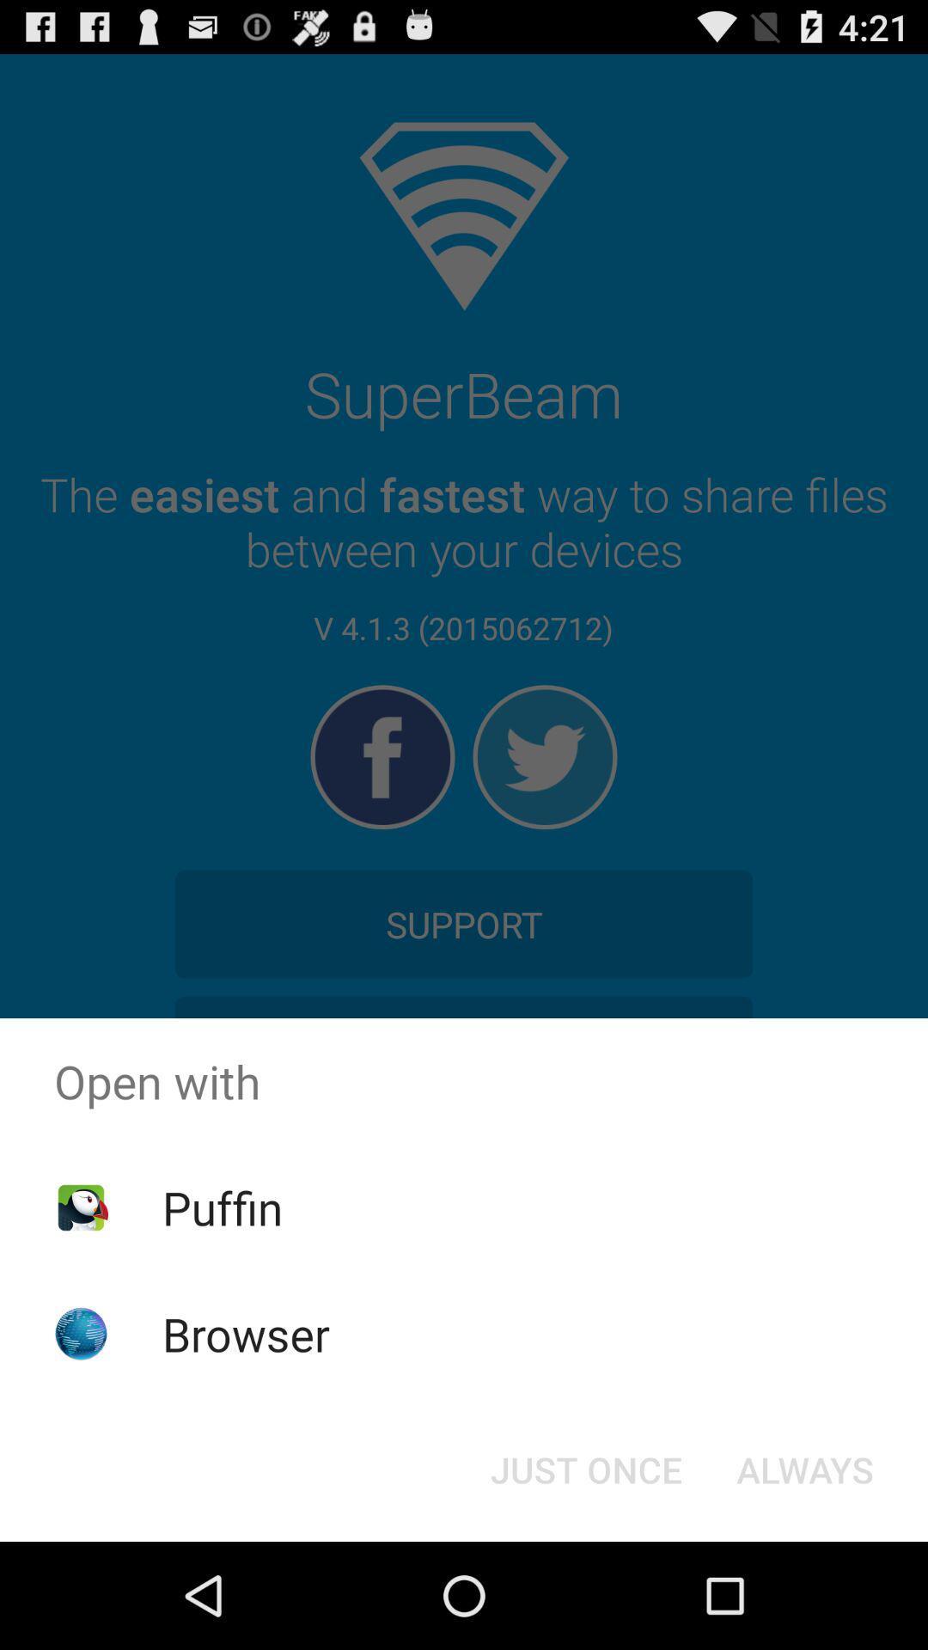 The image size is (928, 1650). What do you see at coordinates (585, 1468) in the screenshot?
I see `button next to the always button` at bounding box center [585, 1468].